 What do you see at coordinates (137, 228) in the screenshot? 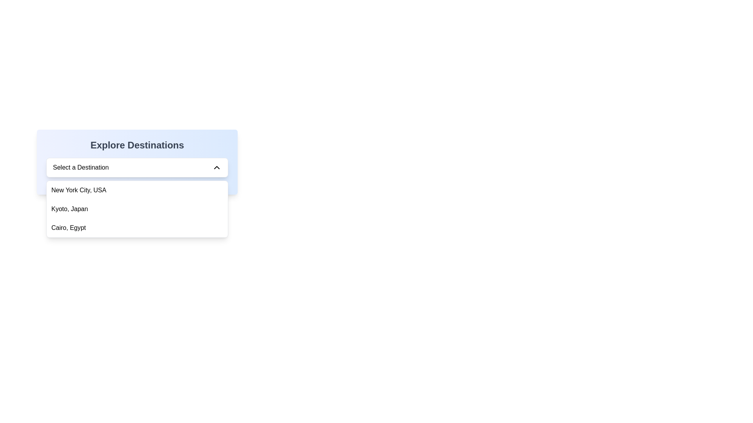
I see `the third item in the dropdown menu` at bounding box center [137, 228].